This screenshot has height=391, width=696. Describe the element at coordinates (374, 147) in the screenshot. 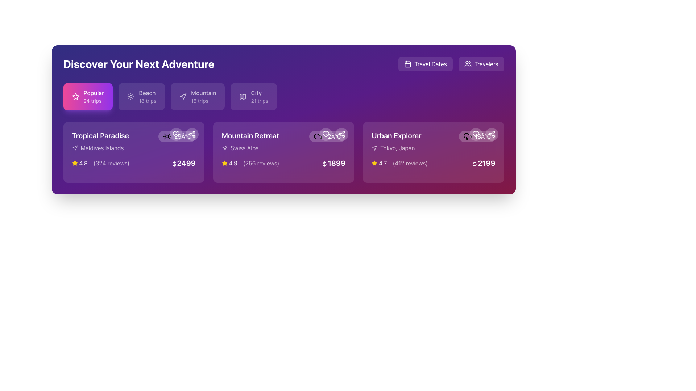

I see `the navigation arrow icon located at the top-right corner of the 'Mountain Retreat' package card` at that location.